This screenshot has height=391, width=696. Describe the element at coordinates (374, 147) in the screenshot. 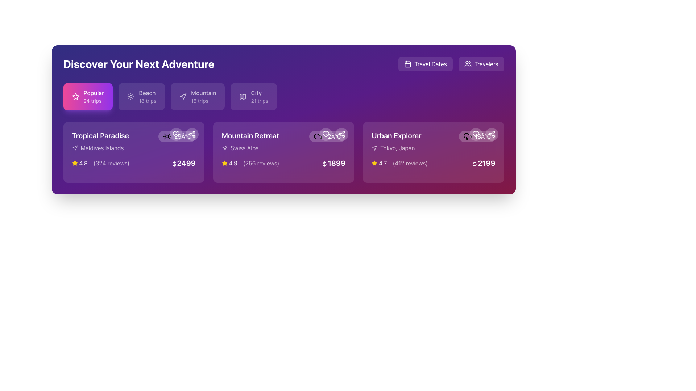

I see `the navigation arrow icon located at the top-right corner of the 'Mountain Retreat' package card` at that location.